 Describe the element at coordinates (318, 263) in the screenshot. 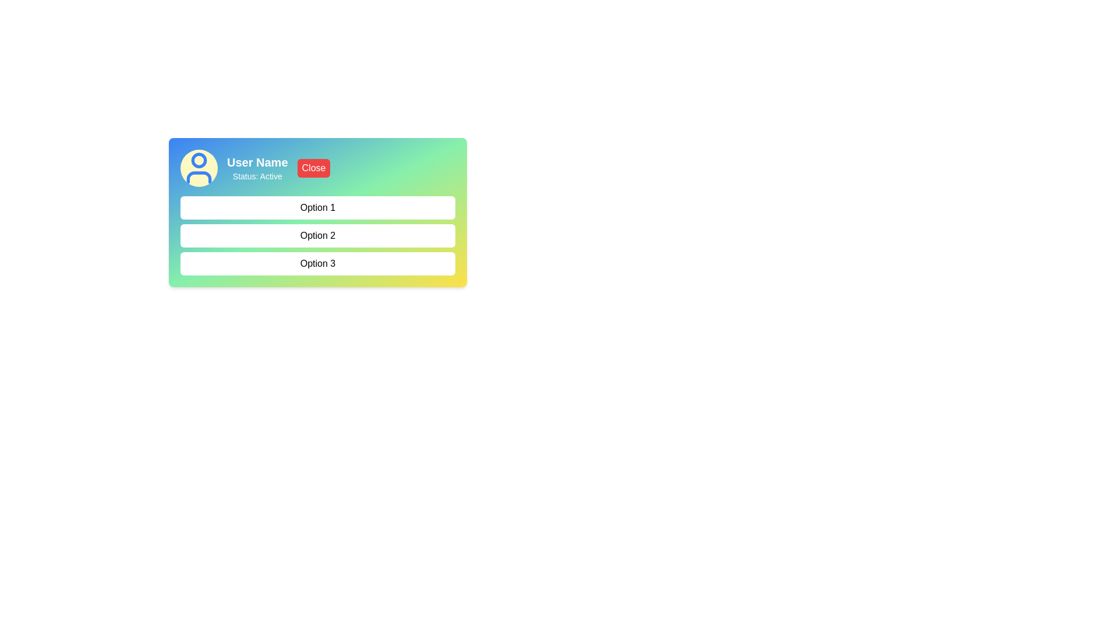

I see `the interactive button labeled 'Option 3' to initiate an action` at that location.